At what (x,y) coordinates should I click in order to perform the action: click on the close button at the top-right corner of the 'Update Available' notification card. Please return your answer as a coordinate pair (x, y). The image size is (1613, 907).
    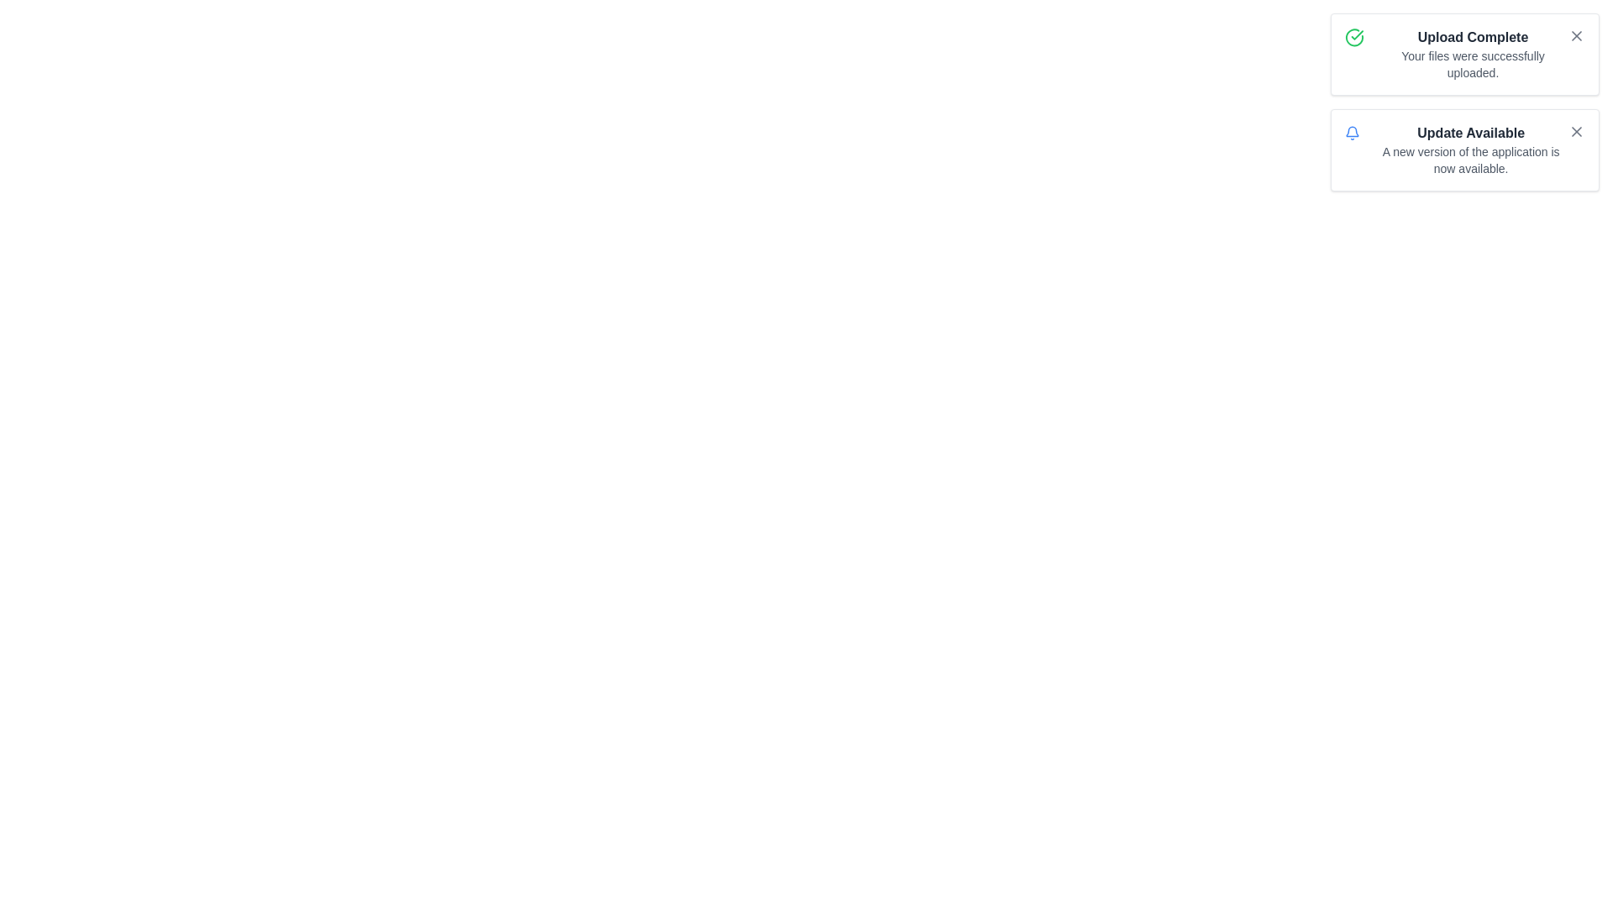
    Looking at the image, I should click on (1575, 131).